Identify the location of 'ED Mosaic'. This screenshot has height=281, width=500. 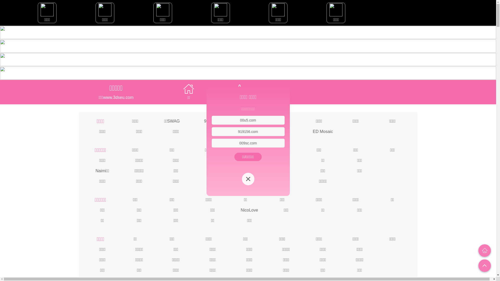
(312, 131).